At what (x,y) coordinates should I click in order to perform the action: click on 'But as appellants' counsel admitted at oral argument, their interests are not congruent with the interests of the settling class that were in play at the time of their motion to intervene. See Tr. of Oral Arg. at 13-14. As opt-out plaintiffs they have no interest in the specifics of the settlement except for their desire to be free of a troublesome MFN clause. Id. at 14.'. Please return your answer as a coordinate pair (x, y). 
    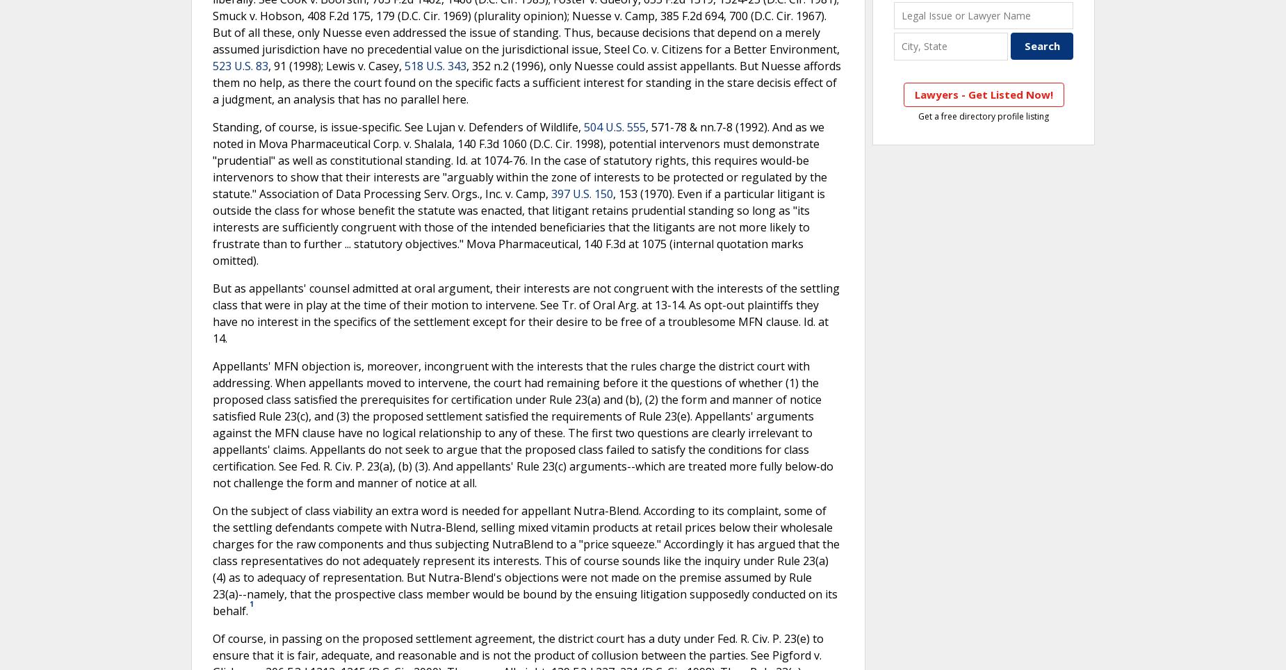
    Looking at the image, I should click on (526, 312).